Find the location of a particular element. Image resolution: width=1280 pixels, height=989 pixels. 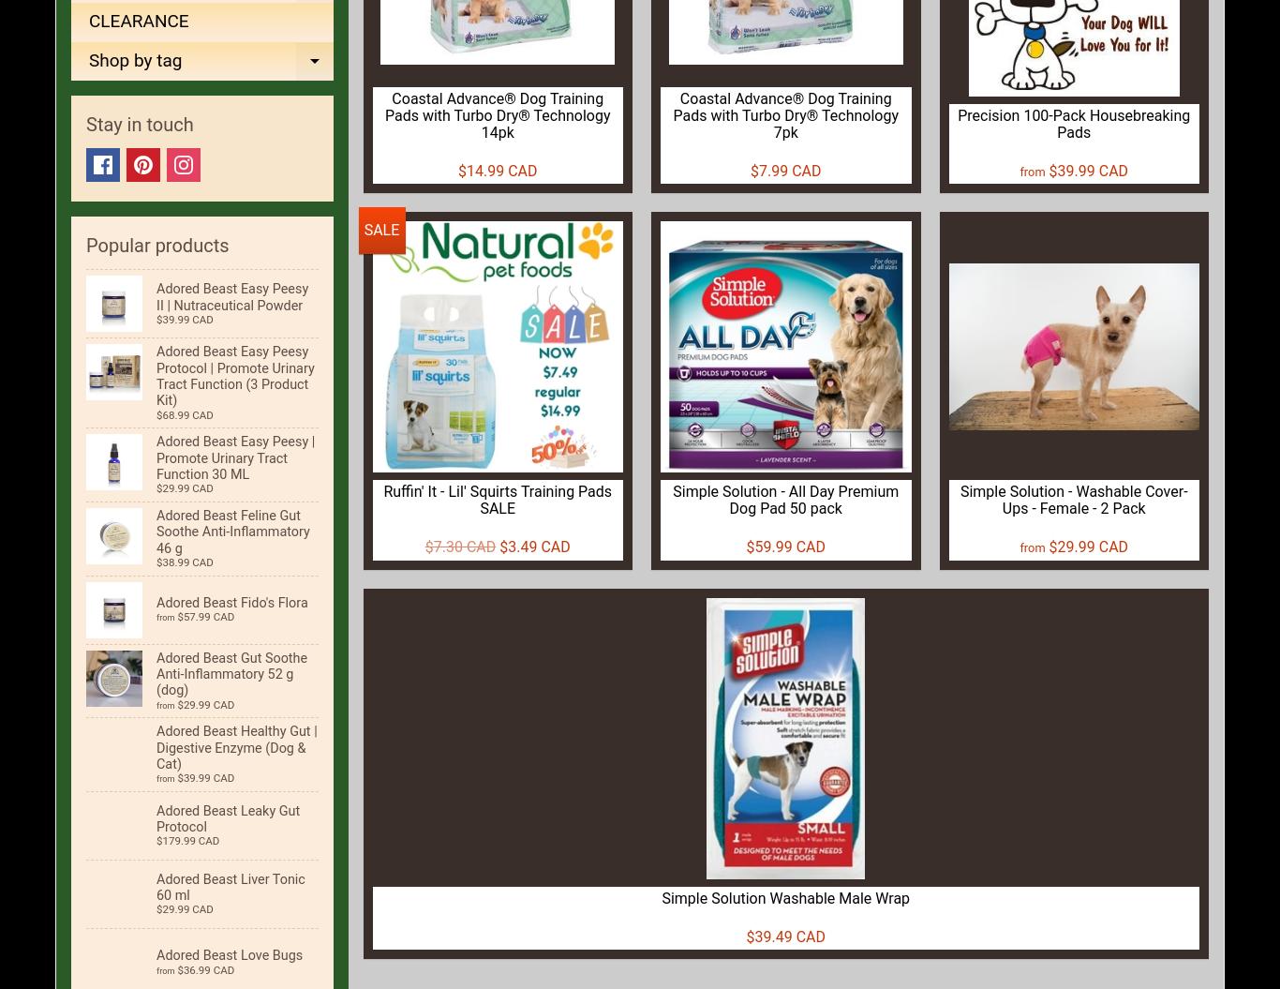

'$7.30 CAD' is located at coordinates (459, 546).